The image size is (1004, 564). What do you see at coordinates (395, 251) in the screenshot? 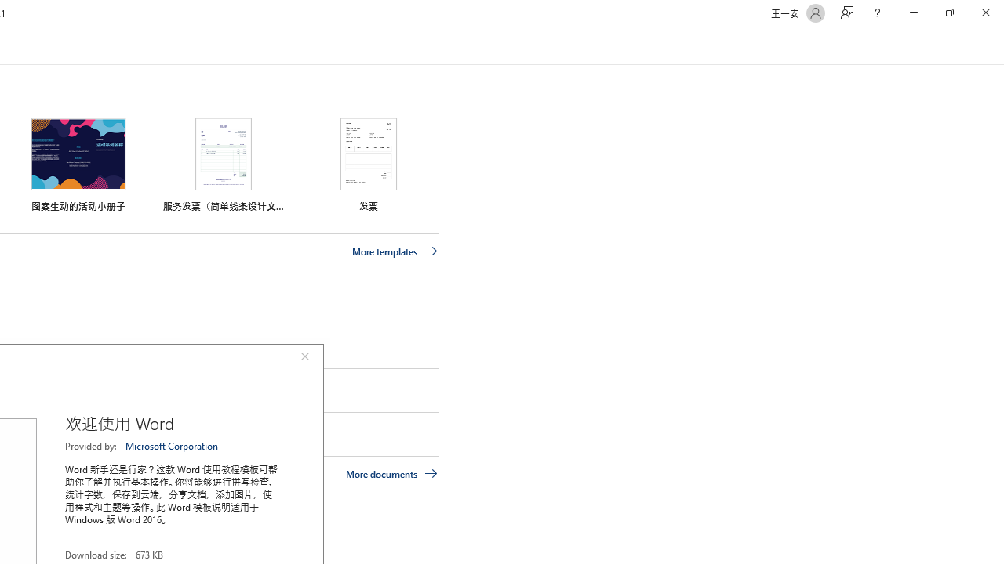
I see `'More templates'` at bounding box center [395, 251].